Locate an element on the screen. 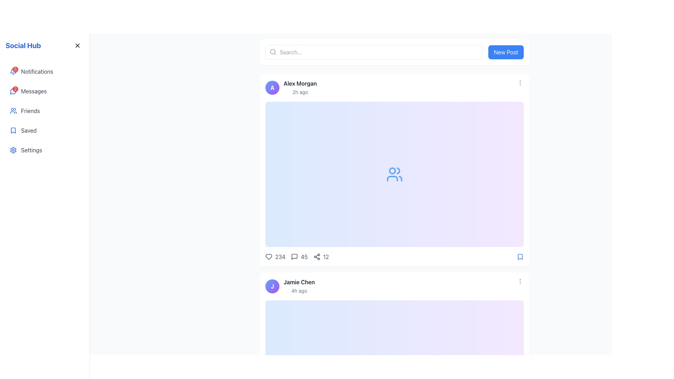 This screenshot has width=674, height=379. the static text displaying the count of 'likes' for the associated post, located to the immediate right of a heart-shaped icon, which is non-interactive and serves an informational purpose is located at coordinates (280, 257).